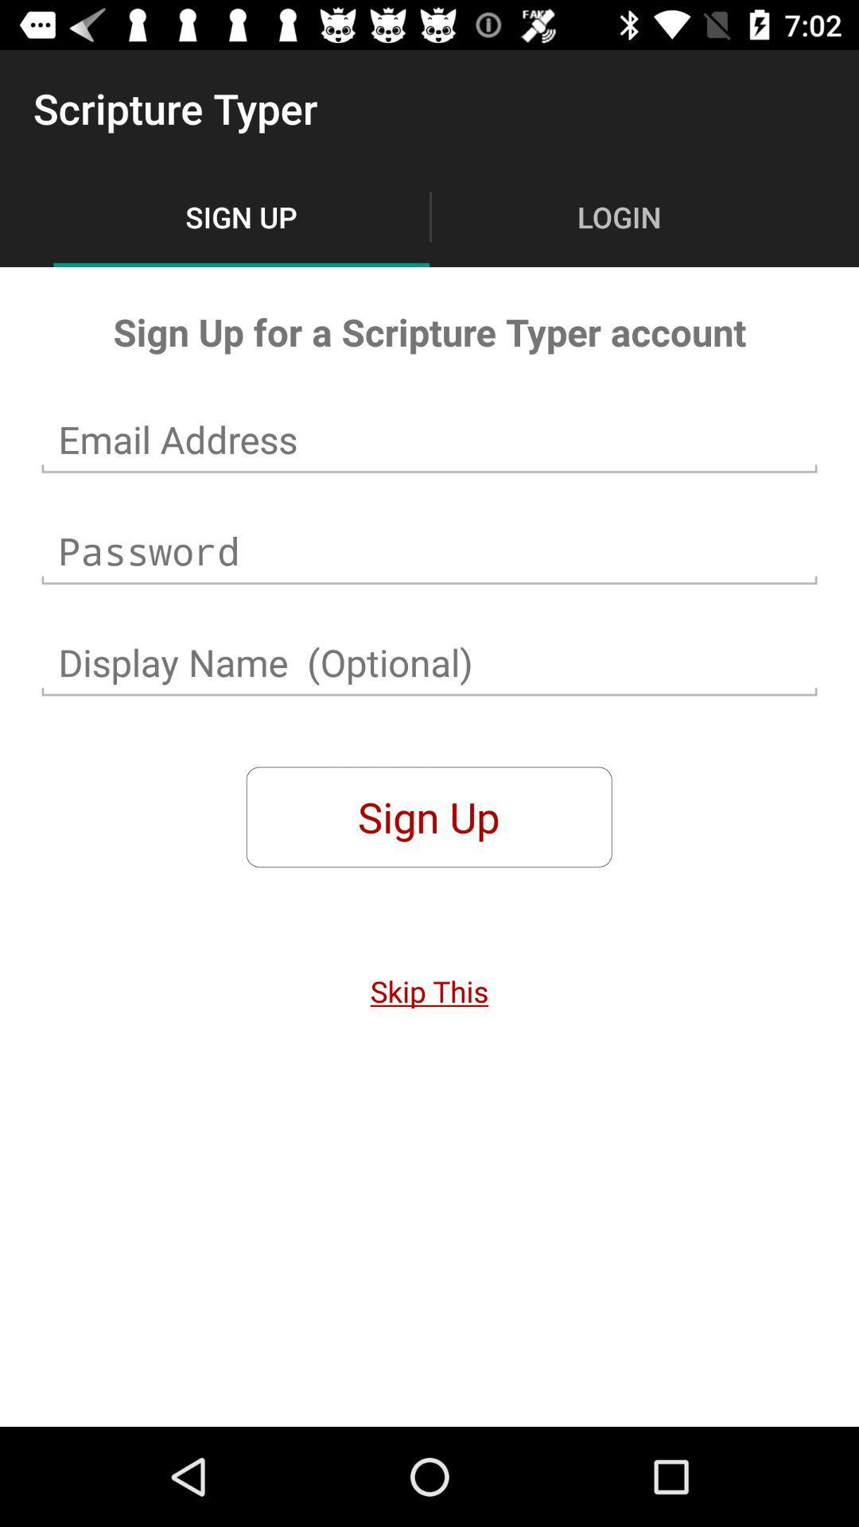 The image size is (859, 1527). Describe the element at coordinates (429, 990) in the screenshot. I see `icon below sign up icon` at that location.